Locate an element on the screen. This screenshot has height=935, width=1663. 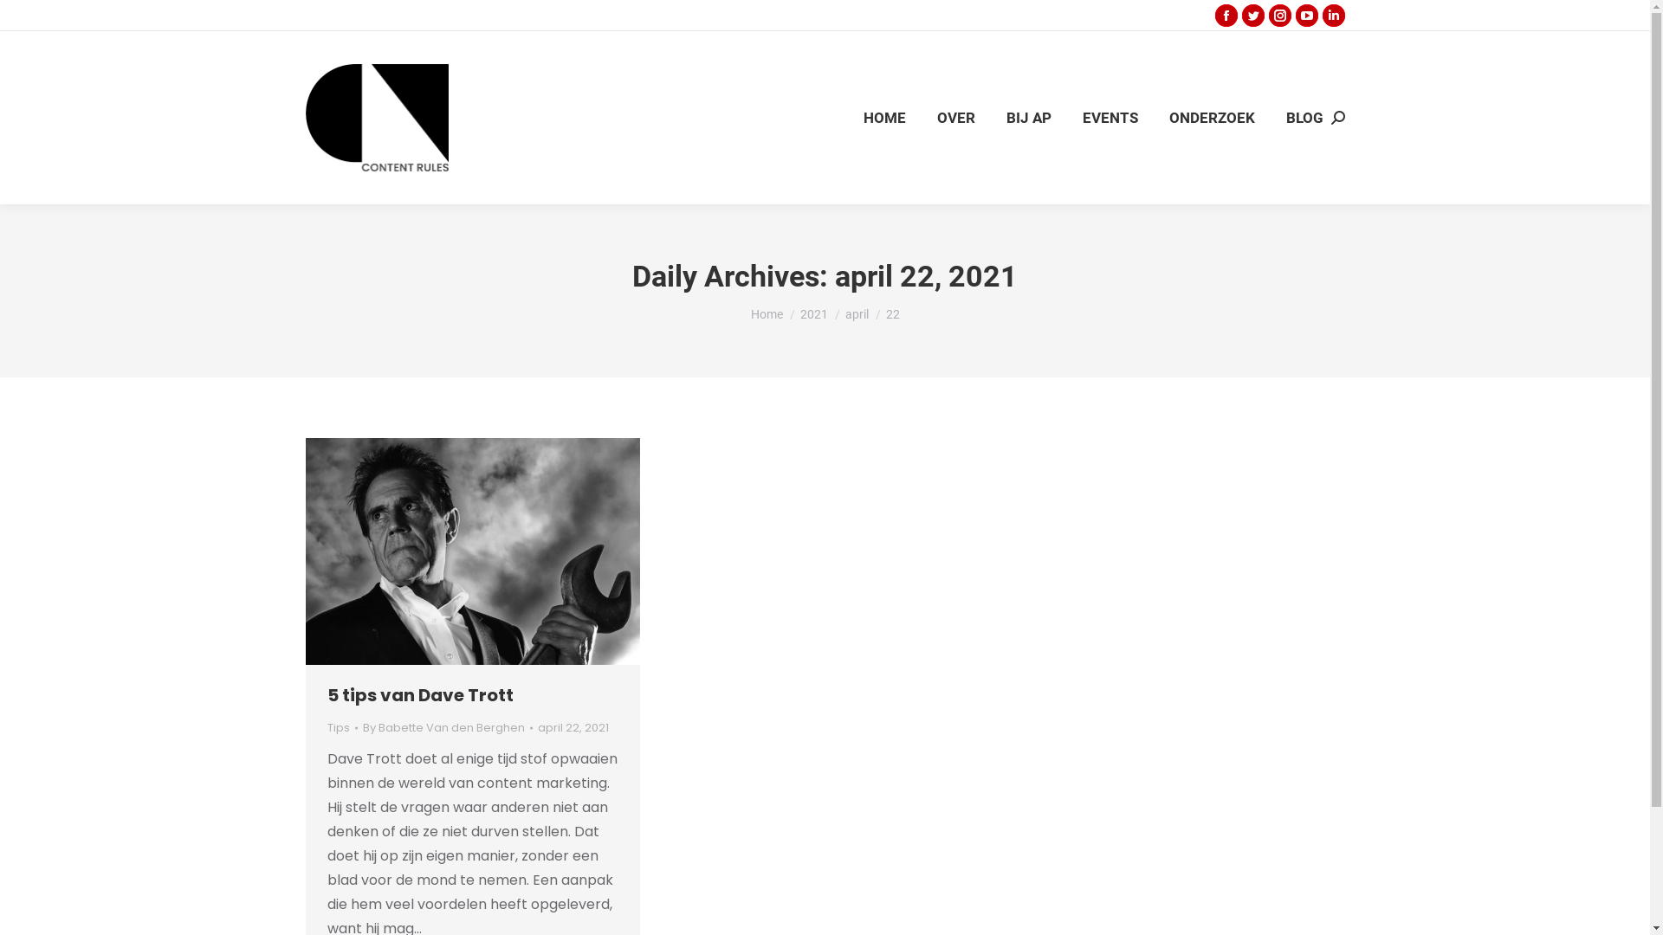
'Linkedin page opens in new window' is located at coordinates (1332, 16).